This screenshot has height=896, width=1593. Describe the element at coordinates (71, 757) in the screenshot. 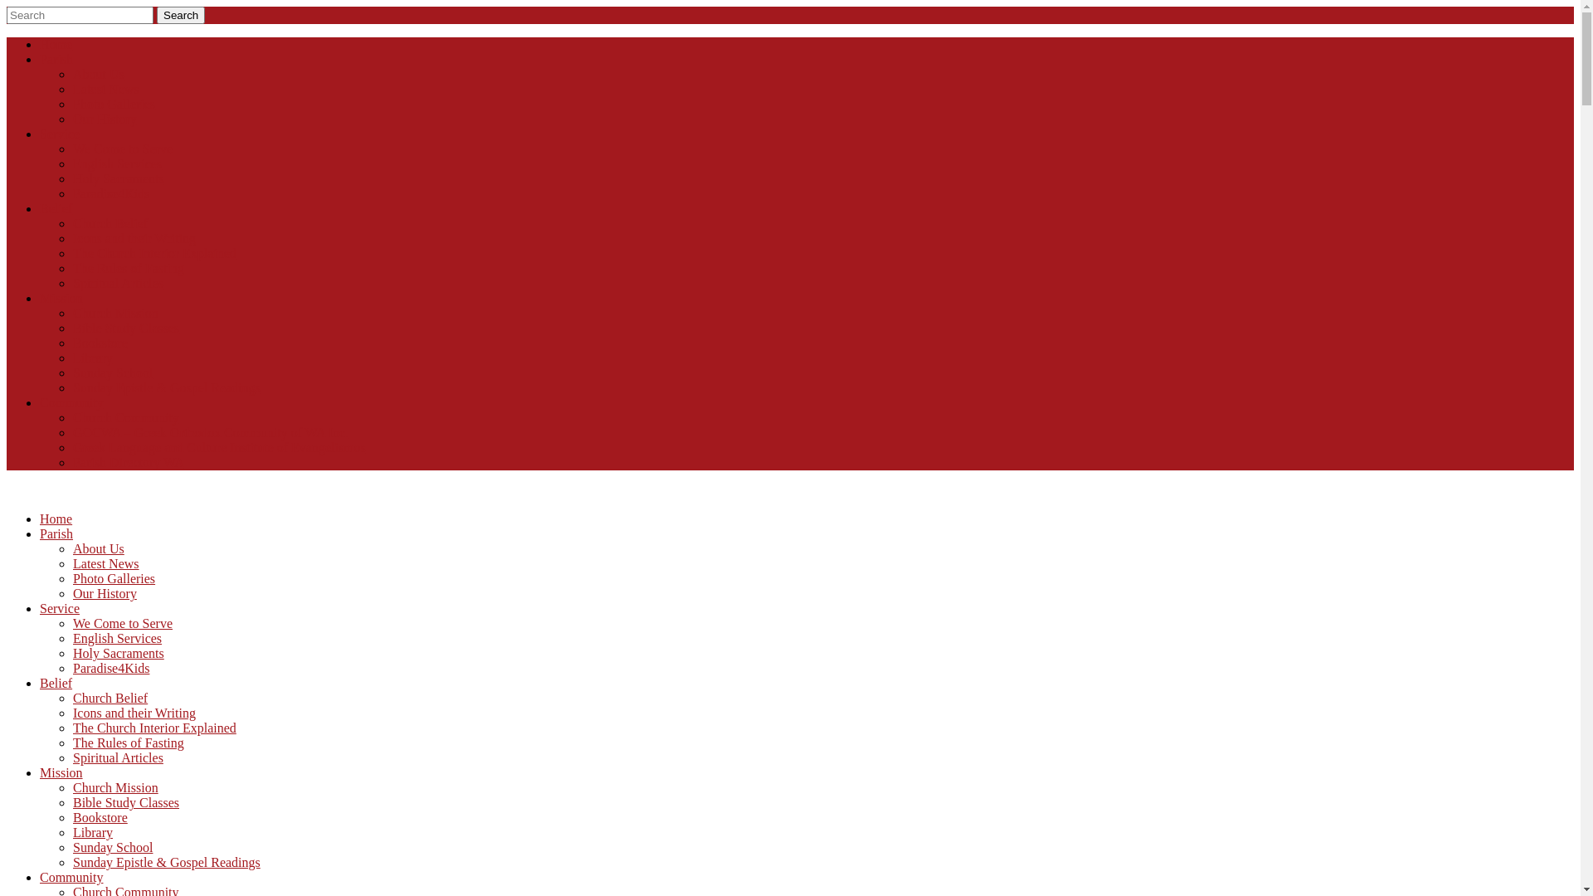

I see `'Spiritual Articles'` at that location.